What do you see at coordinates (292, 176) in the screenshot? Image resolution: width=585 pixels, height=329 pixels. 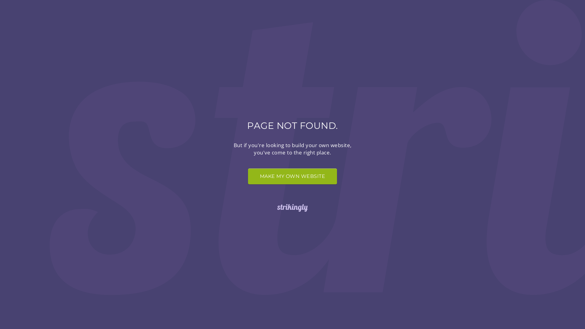 I see `'MAKE MY OWN WEBSITE'` at bounding box center [292, 176].